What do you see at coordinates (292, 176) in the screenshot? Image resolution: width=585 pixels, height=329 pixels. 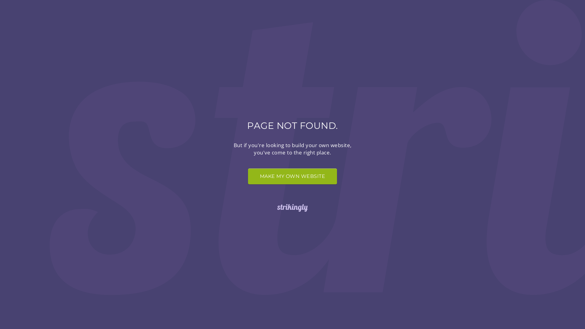 I see `'MAKE MY OWN WEBSITE'` at bounding box center [292, 176].